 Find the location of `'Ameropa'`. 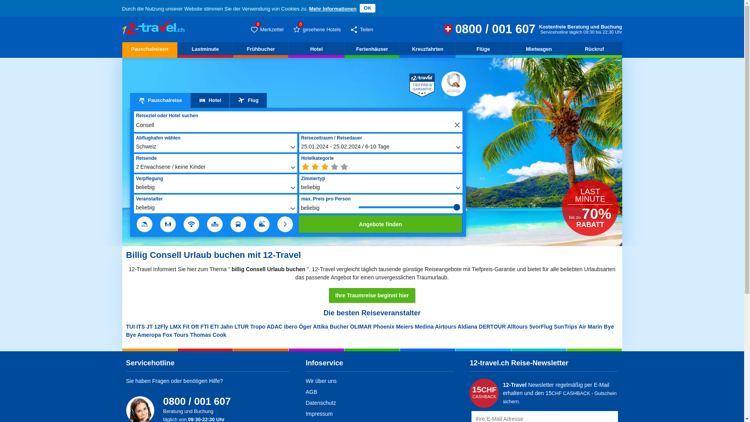

'Ameropa' is located at coordinates (149, 334).